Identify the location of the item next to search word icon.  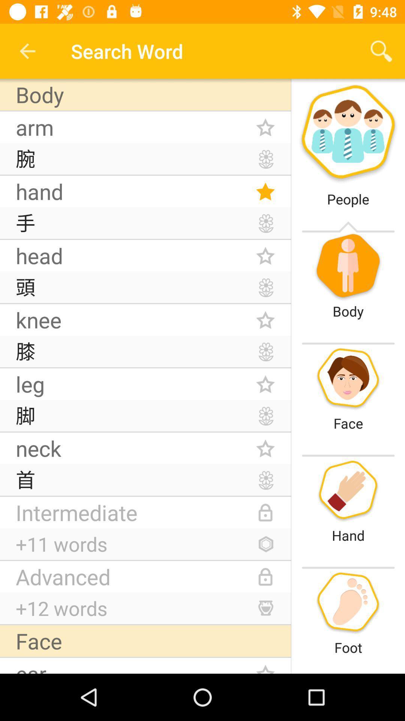
(27, 51).